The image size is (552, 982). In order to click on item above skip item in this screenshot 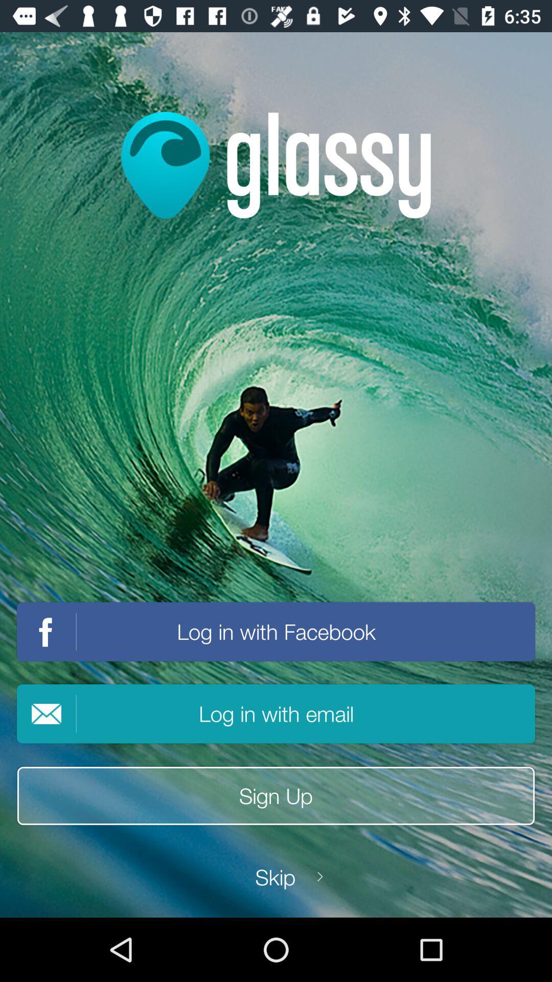, I will do `click(276, 795)`.